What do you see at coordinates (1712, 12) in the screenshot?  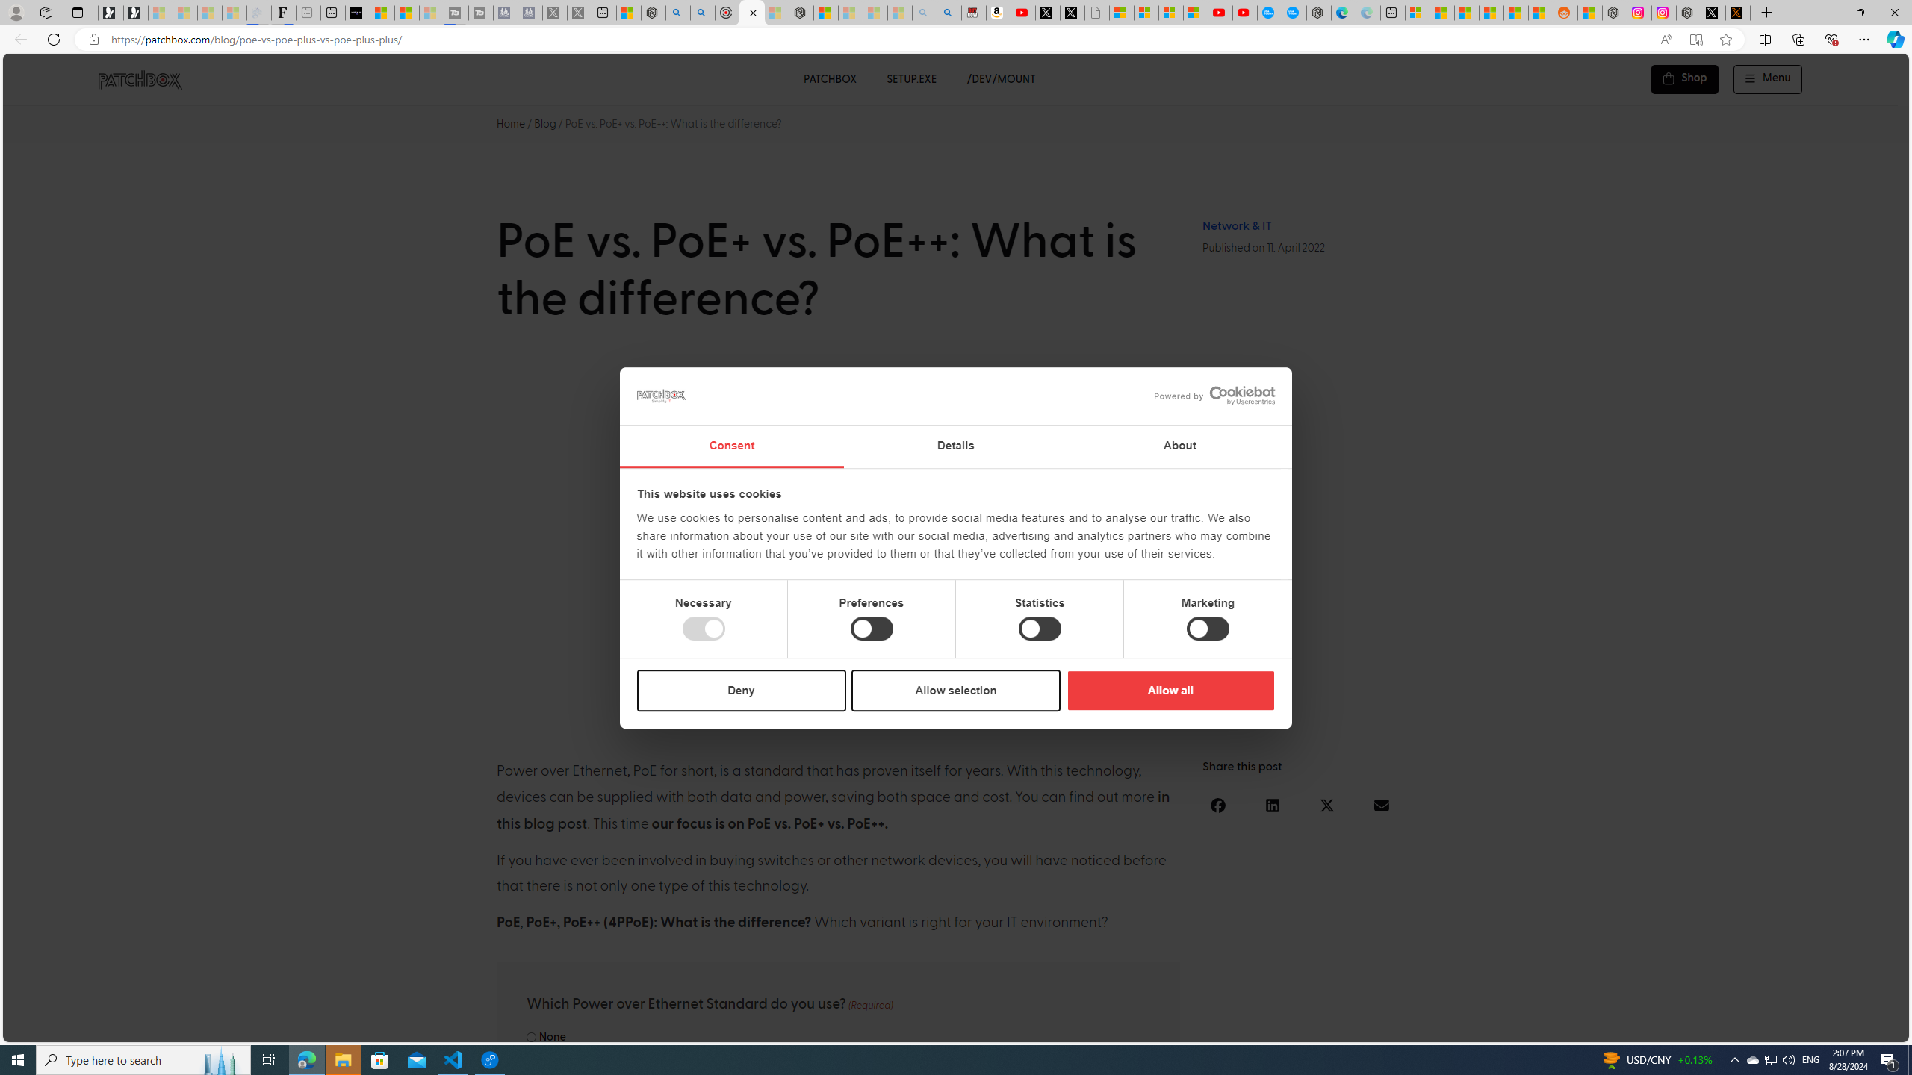 I see `'Nordace (@NordaceOfficial) / X'` at bounding box center [1712, 12].